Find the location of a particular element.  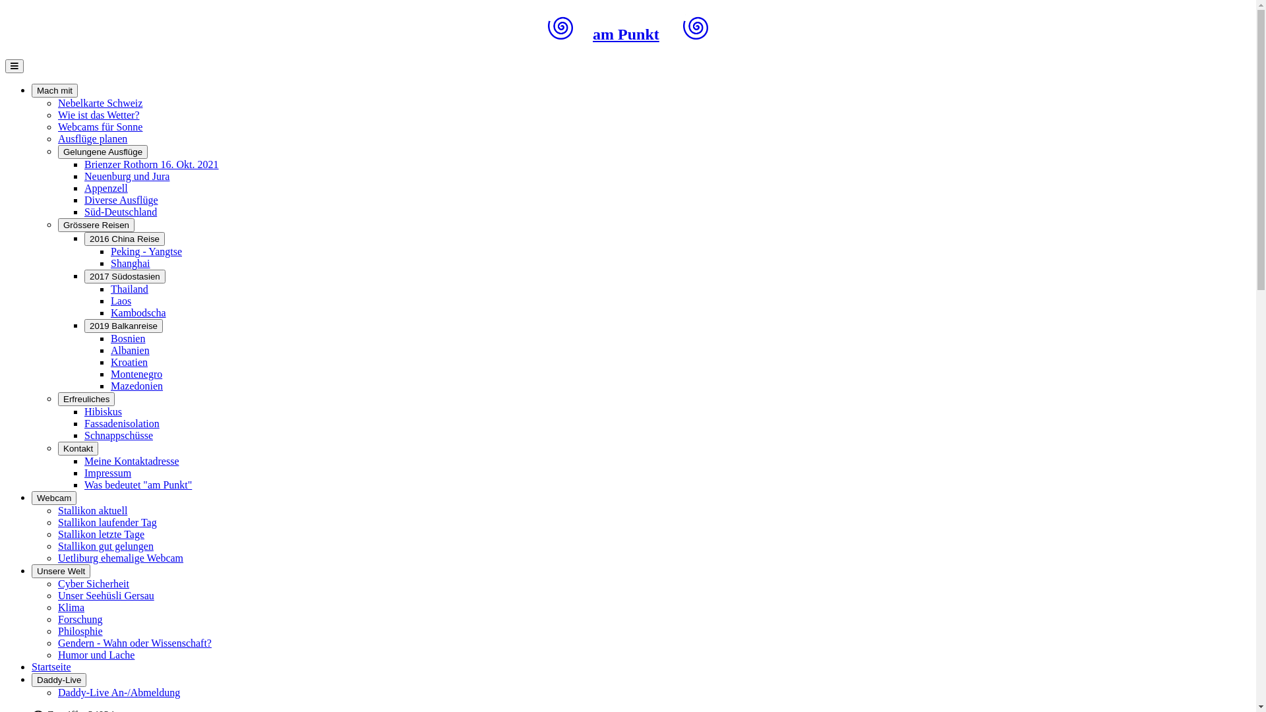

'Bosnien' is located at coordinates (111, 338).